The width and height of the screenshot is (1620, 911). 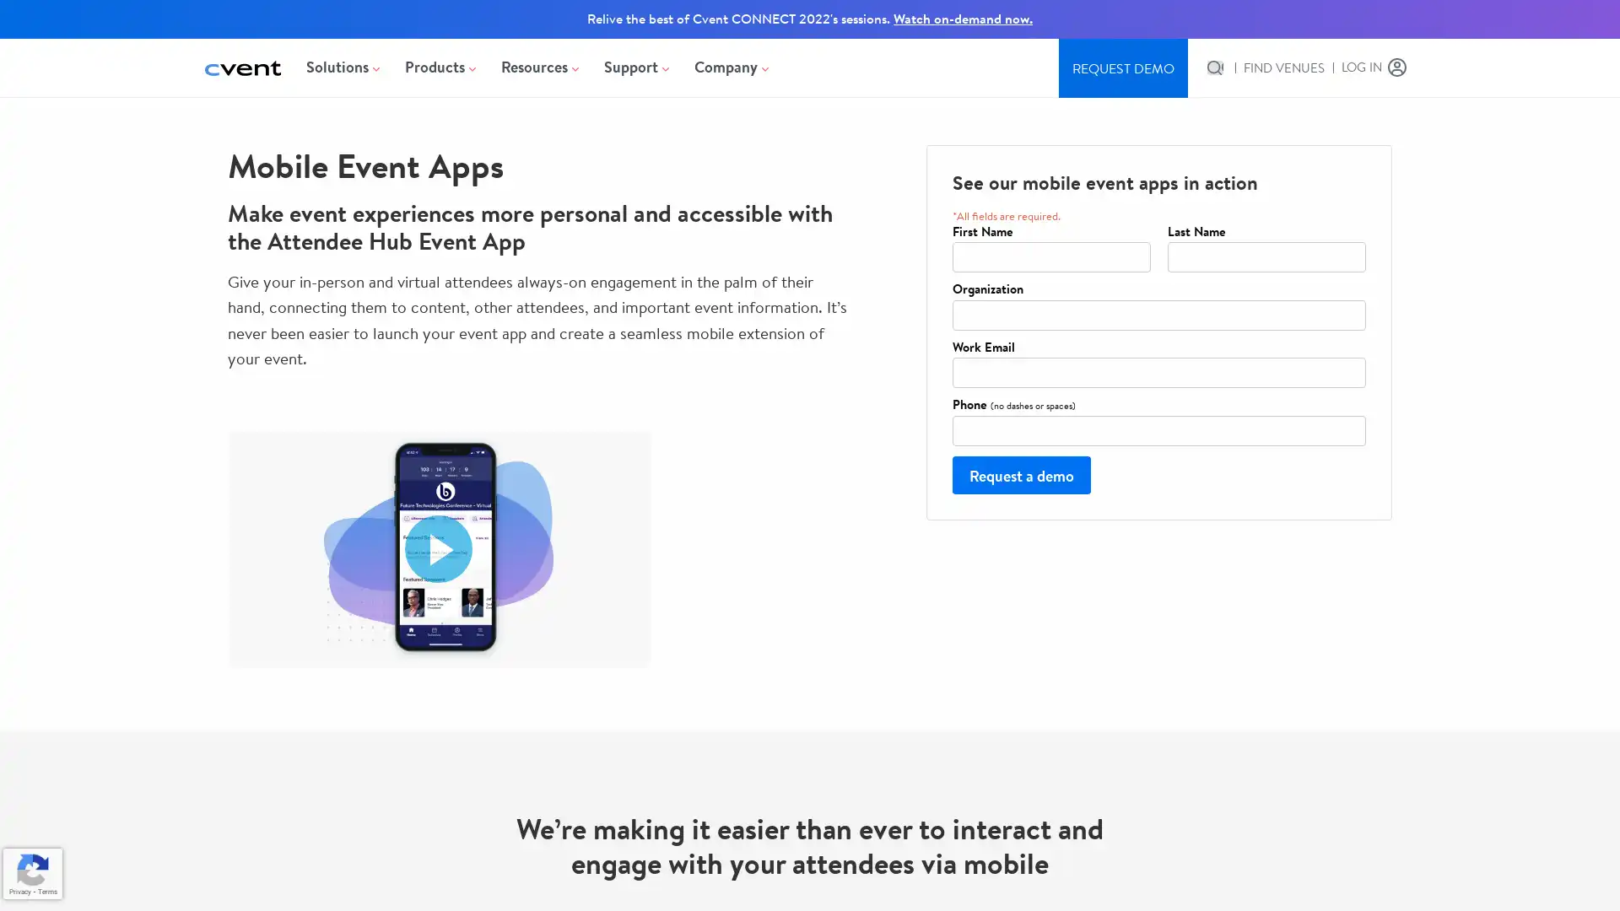 What do you see at coordinates (438, 549) in the screenshot?
I see `Play video Cvent Attendee Hub Mobile Event Apps. Opens in a modal` at bounding box center [438, 549].